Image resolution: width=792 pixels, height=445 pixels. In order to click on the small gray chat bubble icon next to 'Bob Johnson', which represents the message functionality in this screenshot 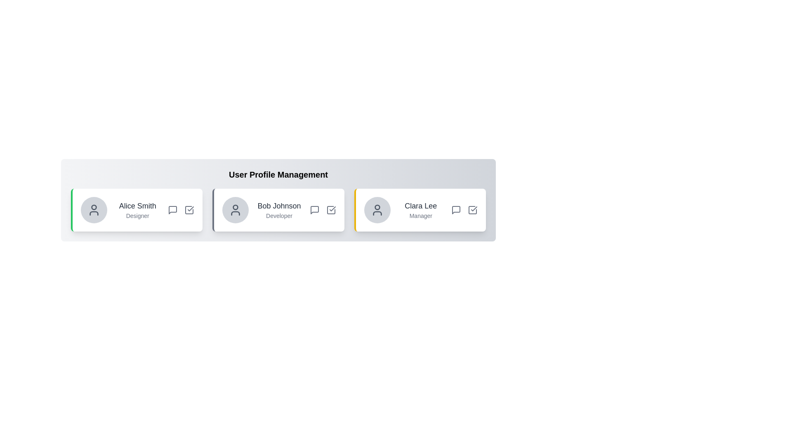, I will do `click(314, 209)`.